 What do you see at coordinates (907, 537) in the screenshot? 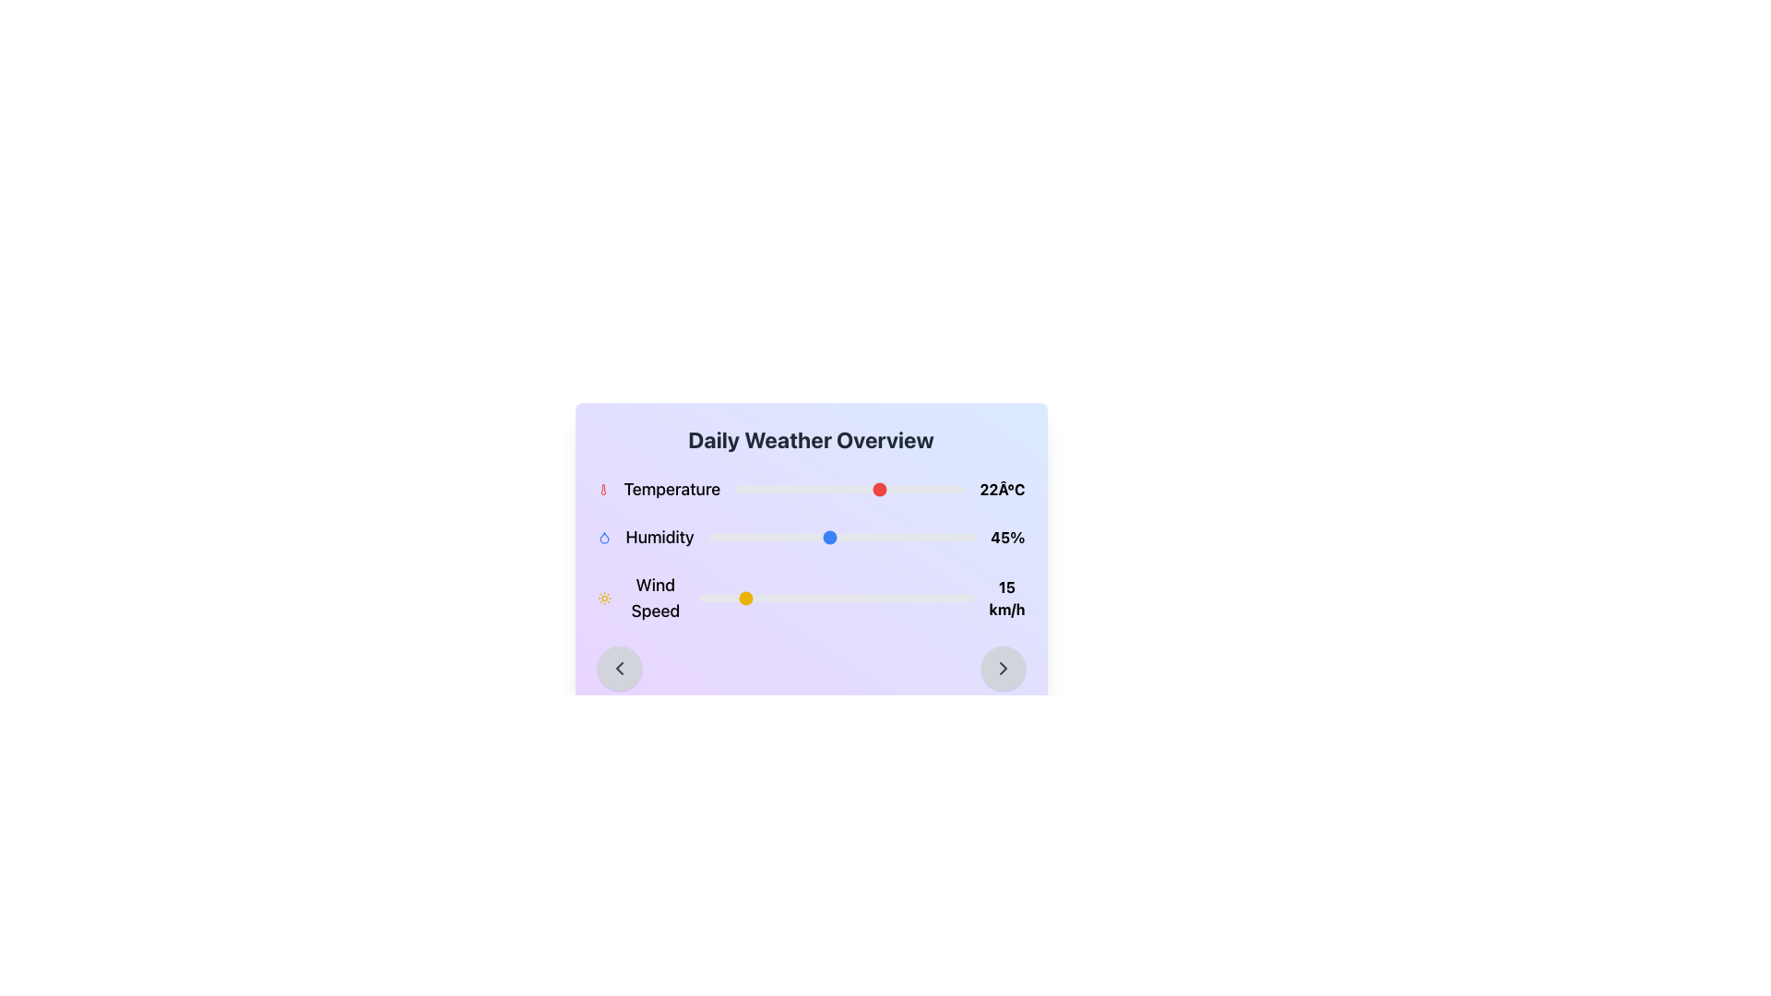
I see `the humidity level` at bounding box center [907, 537].